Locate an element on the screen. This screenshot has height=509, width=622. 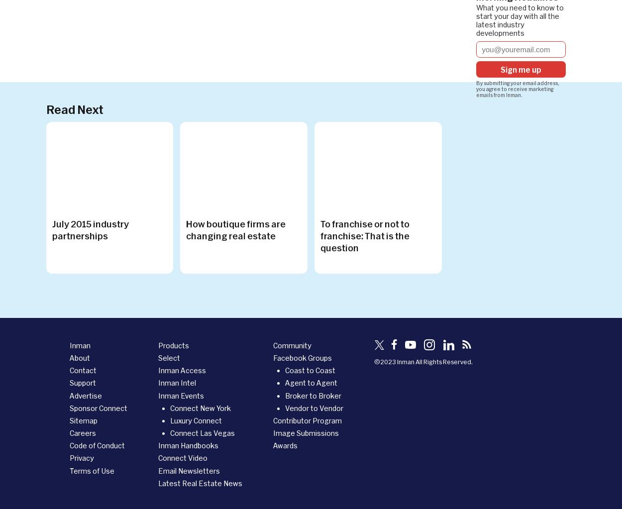
'Contact' is located at coordinates (83, 370).